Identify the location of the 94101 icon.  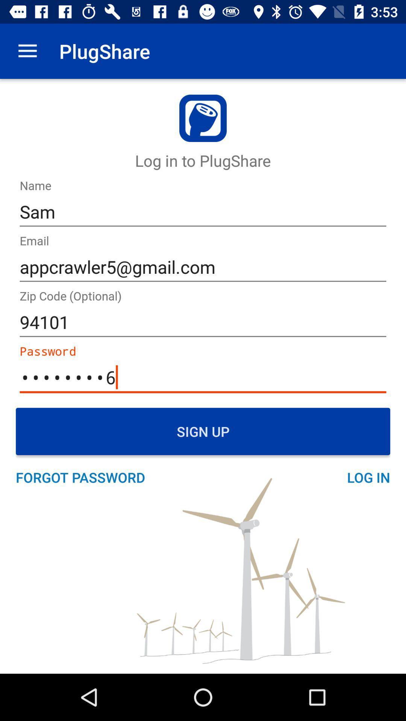
(203, 322).